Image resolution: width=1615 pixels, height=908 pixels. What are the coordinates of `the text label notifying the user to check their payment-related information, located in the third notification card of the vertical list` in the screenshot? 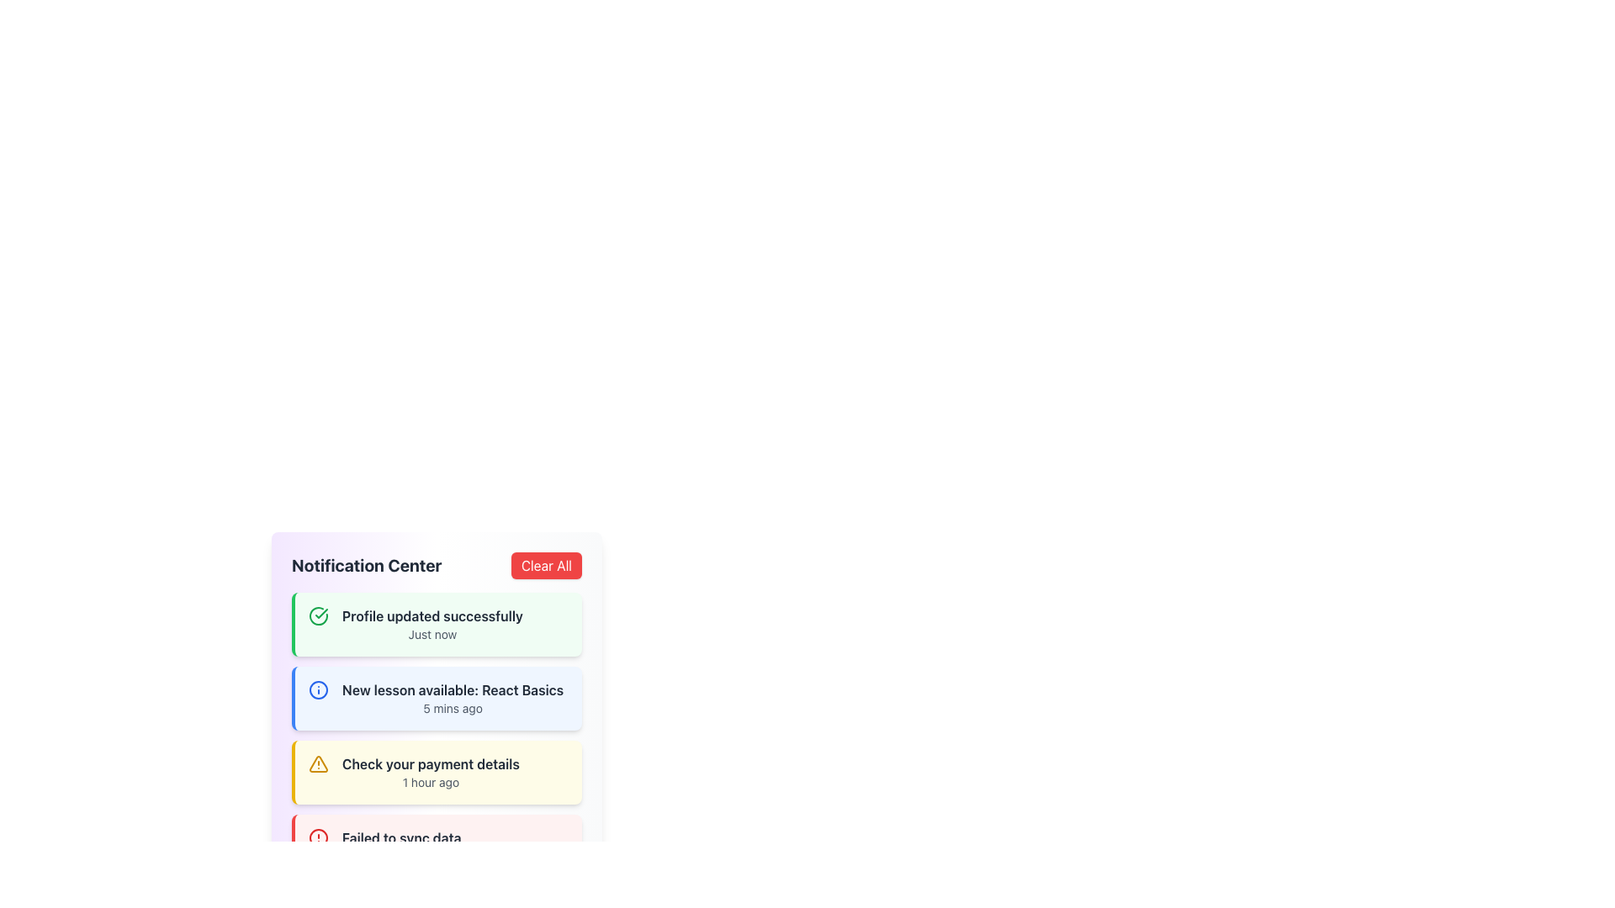 It's located at (431, 764).